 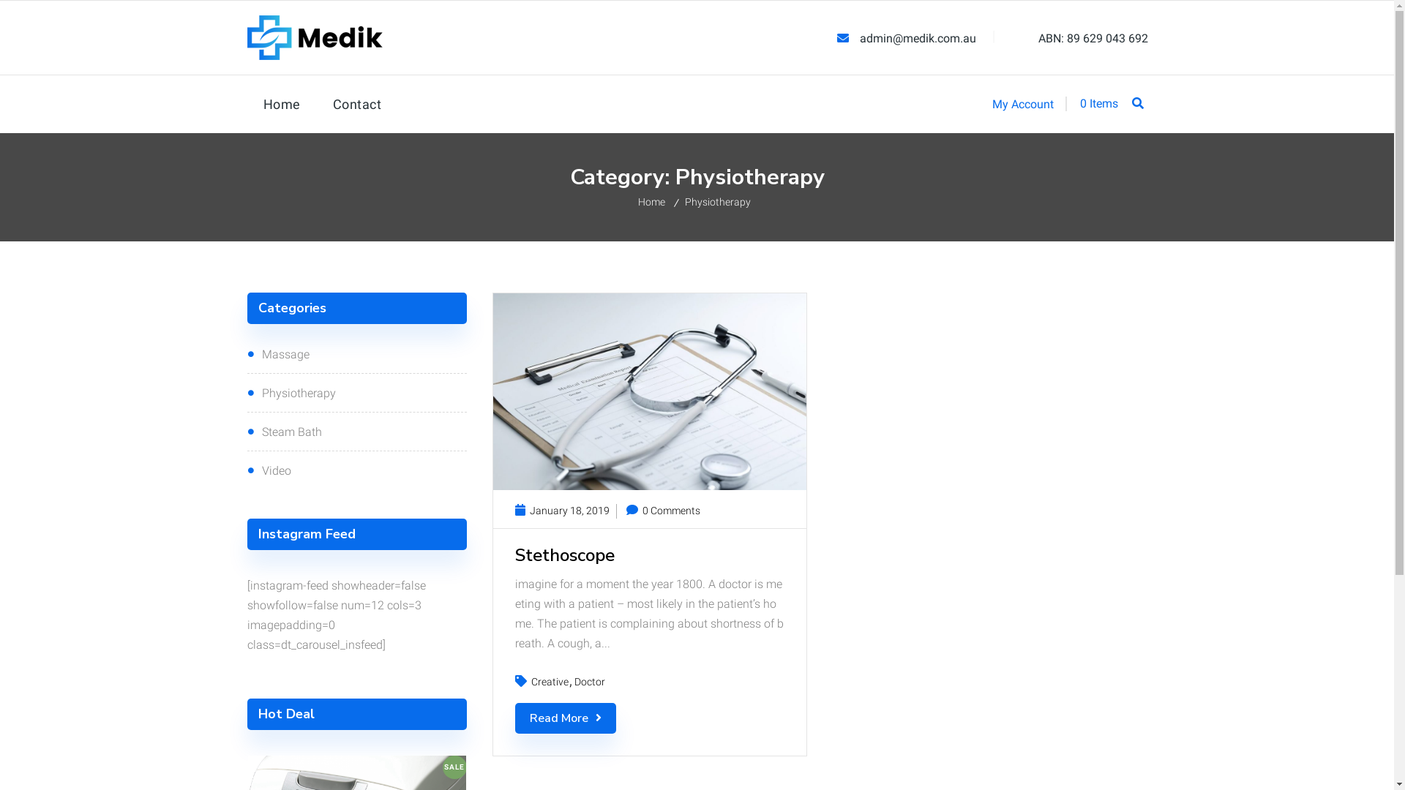 I want to click on 'Physiotherapy', so click(x=719, y=202).